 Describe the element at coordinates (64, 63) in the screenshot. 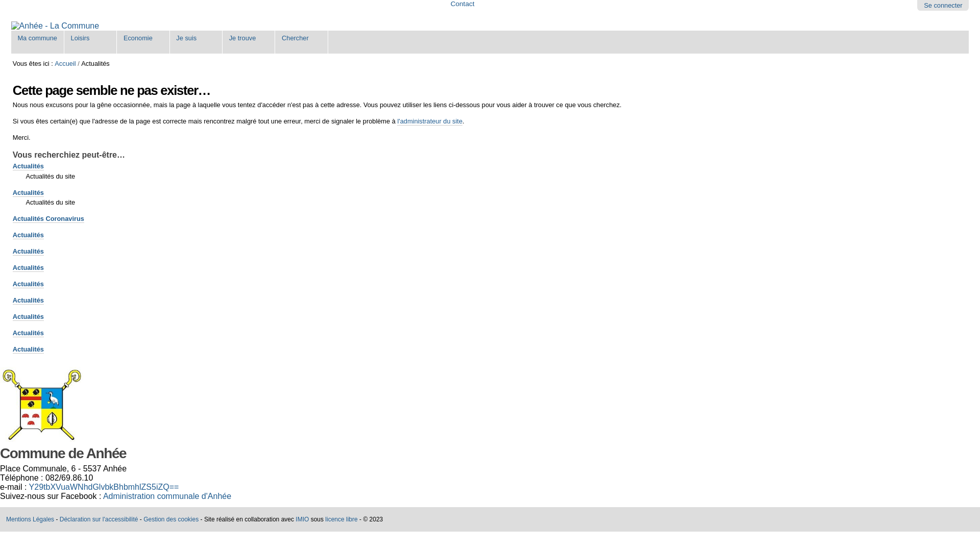

I see `'Accueil'` at that location.